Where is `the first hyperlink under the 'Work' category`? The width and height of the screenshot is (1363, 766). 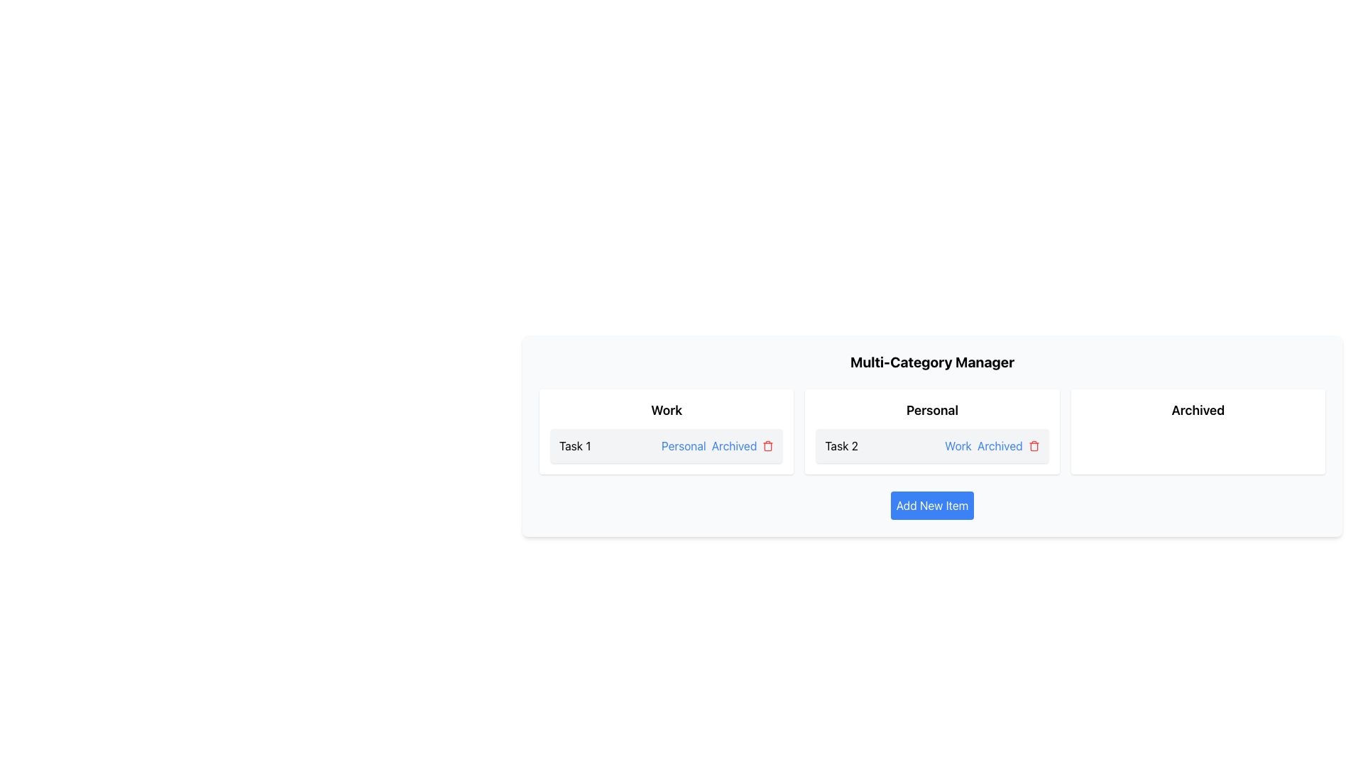
the first hyperlink under the 'Work' category is located at coordinates (684, 445).